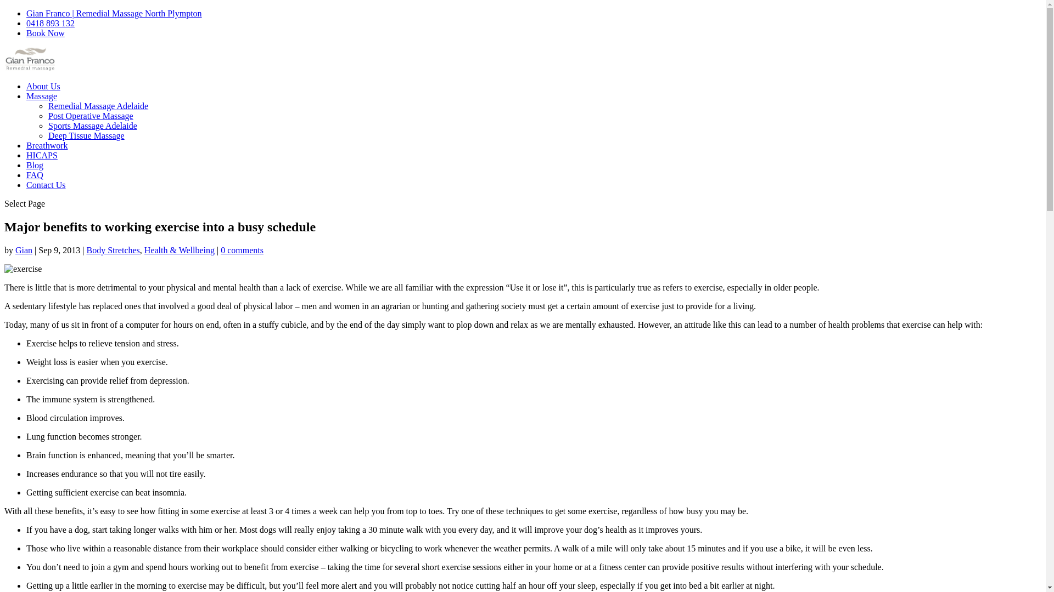  Describe the element at coordinates (24, 250) in the screenshot. I see `'Gian'` at that location.